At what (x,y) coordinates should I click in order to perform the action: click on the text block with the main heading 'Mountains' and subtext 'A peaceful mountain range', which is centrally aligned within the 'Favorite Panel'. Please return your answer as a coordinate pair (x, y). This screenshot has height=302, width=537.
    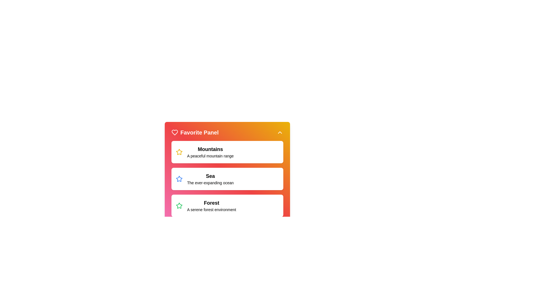
    Looking at the image, I should click on (210, 152).